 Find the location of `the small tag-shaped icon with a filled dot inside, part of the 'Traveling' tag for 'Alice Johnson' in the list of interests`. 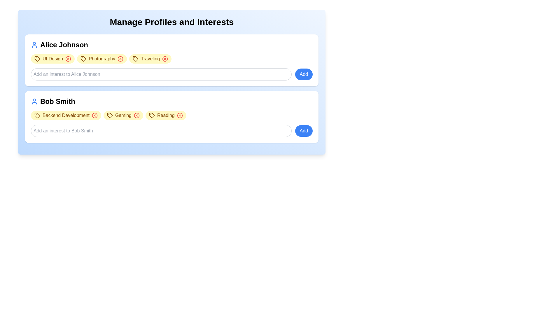

the small tag-shaped icon with a filled dot inside, part of the 'Traveling' tag for 'Alice Johnson' in the list of interests is located at coordinates (135, 59).